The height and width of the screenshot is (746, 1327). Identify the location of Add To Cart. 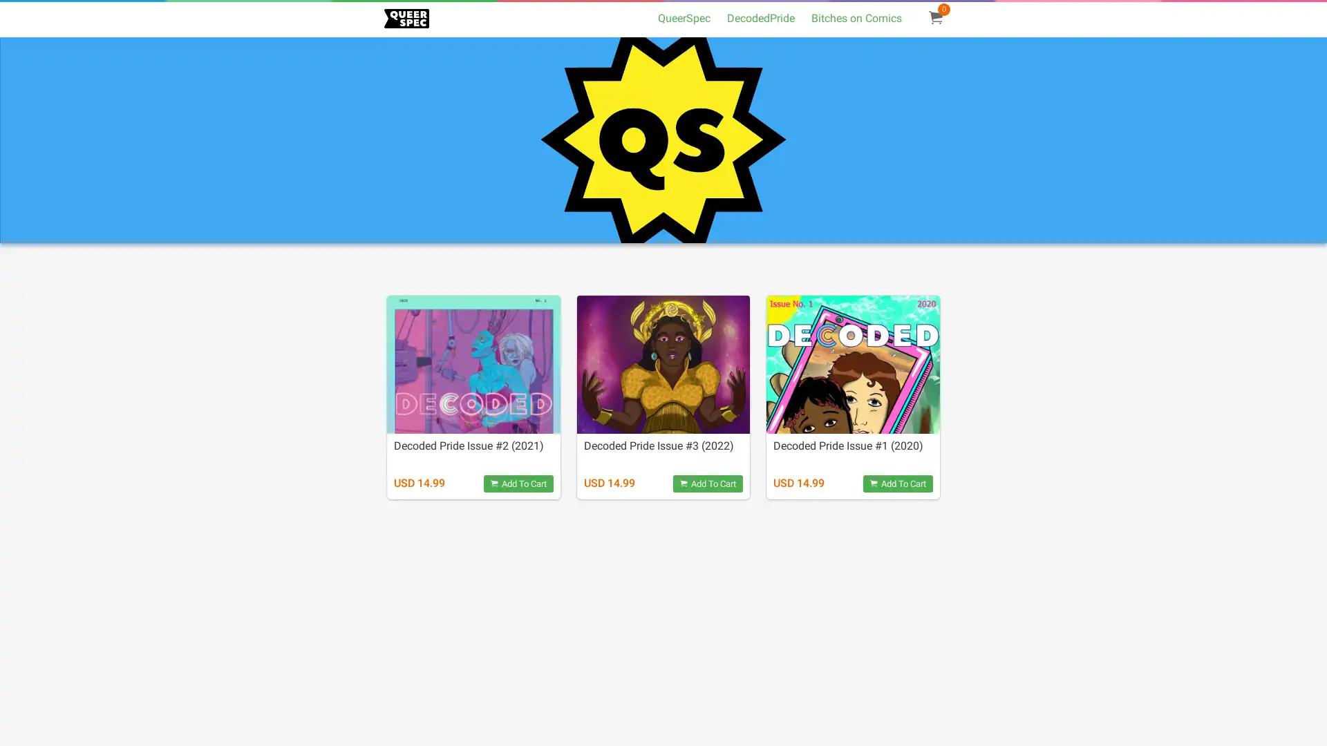
(708, 483).